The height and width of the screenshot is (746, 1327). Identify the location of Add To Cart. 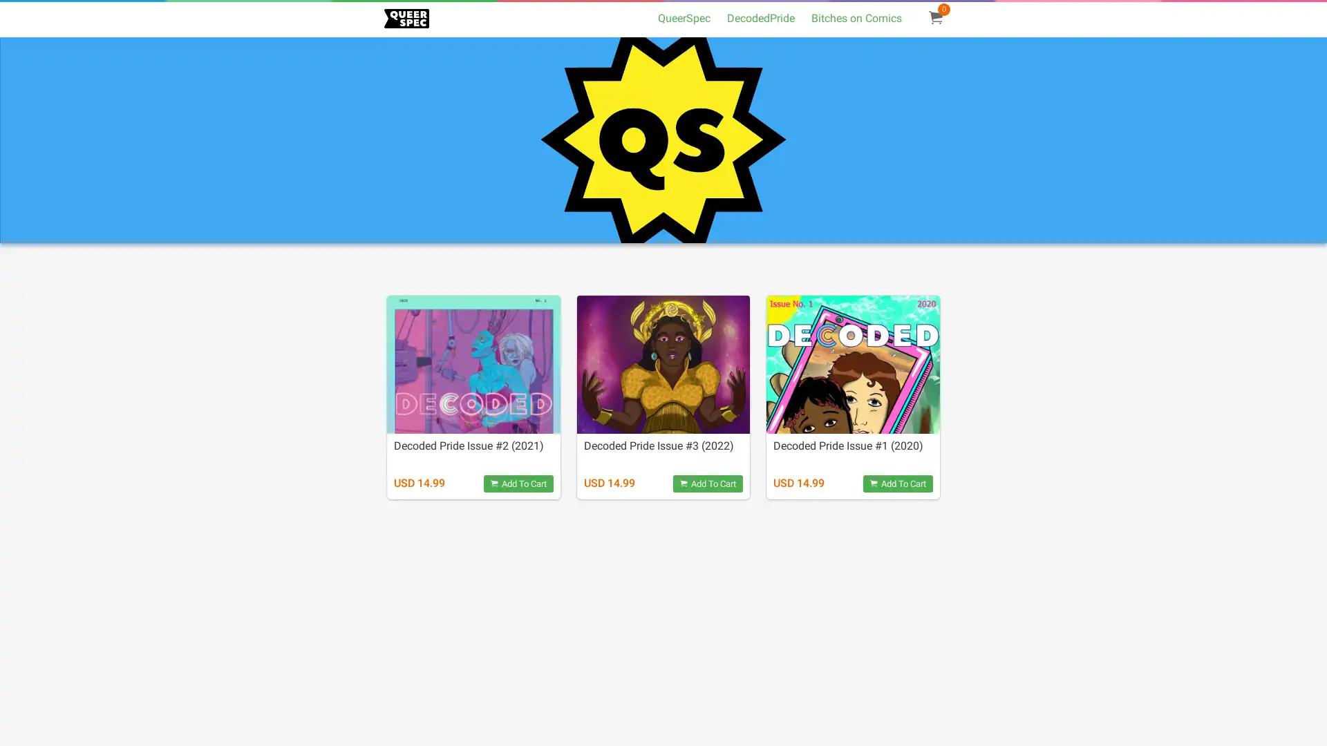
(708, 483).